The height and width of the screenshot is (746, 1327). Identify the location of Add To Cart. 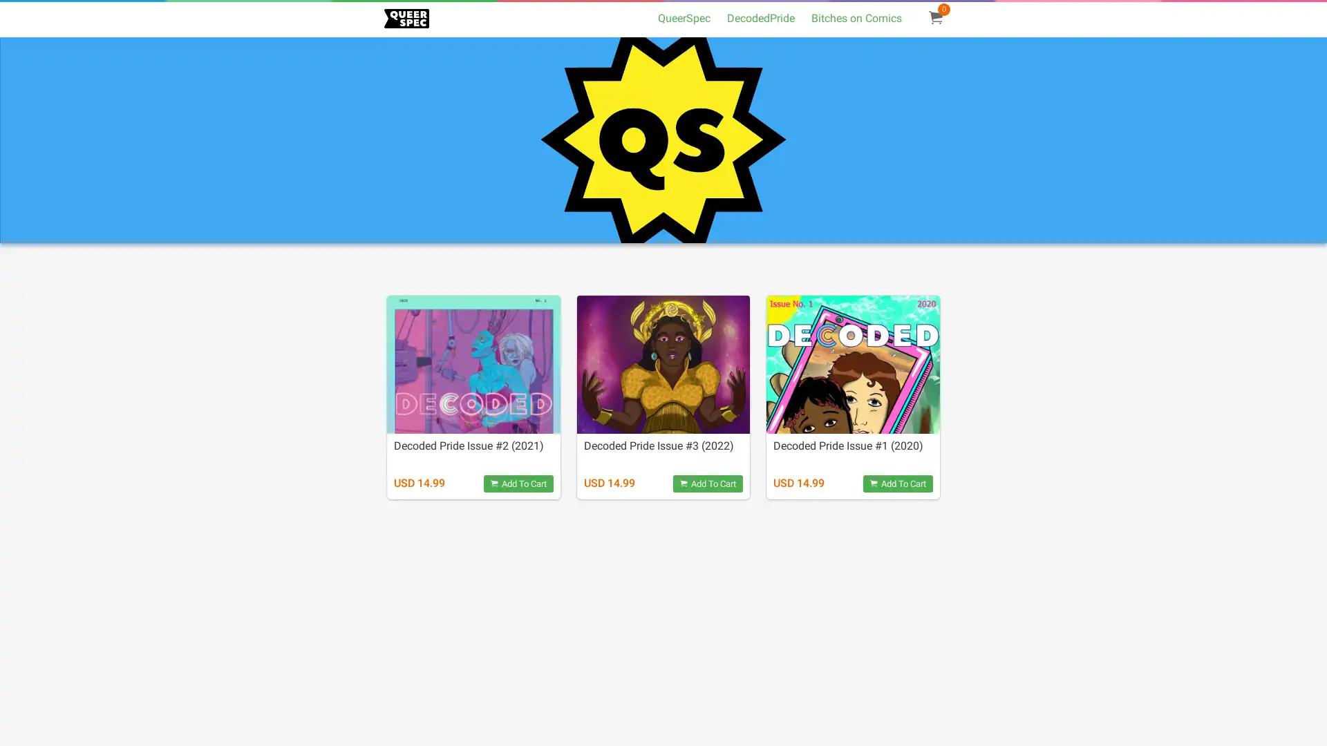
(708, 483).